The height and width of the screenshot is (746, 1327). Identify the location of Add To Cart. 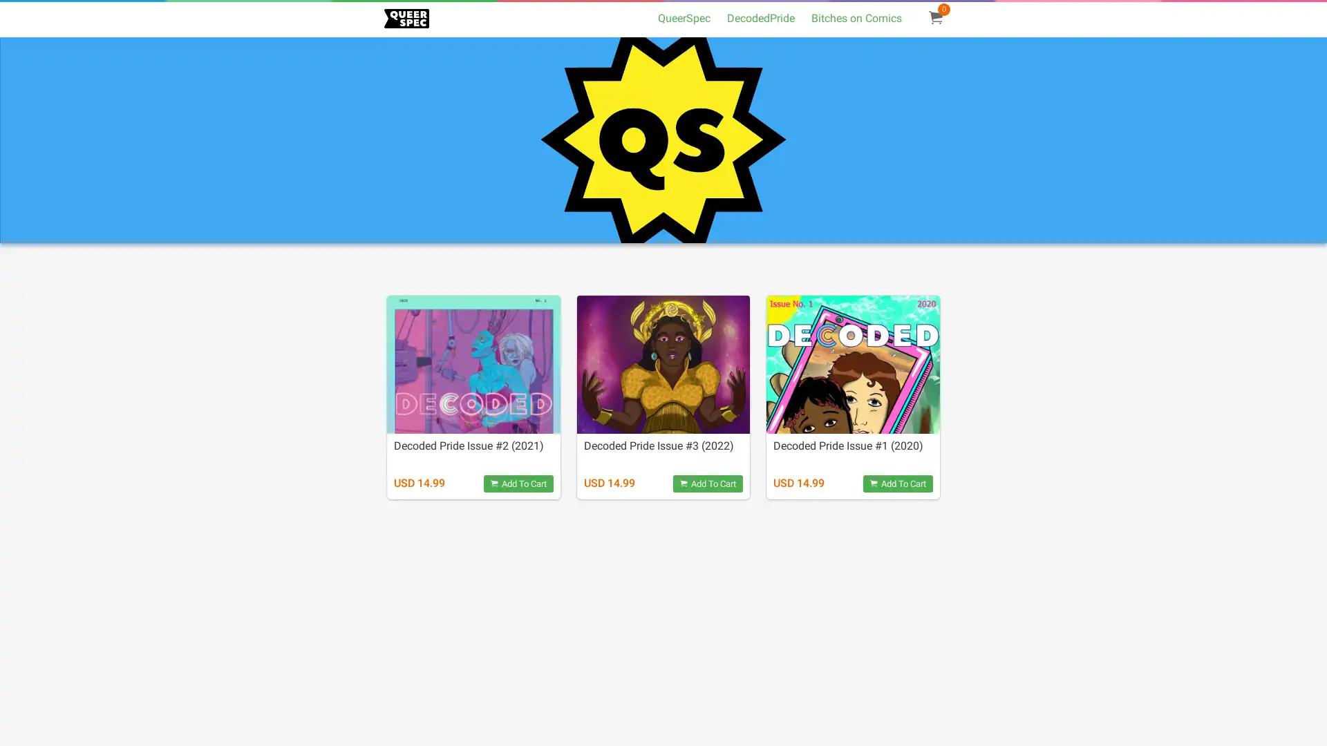
(708, 483).